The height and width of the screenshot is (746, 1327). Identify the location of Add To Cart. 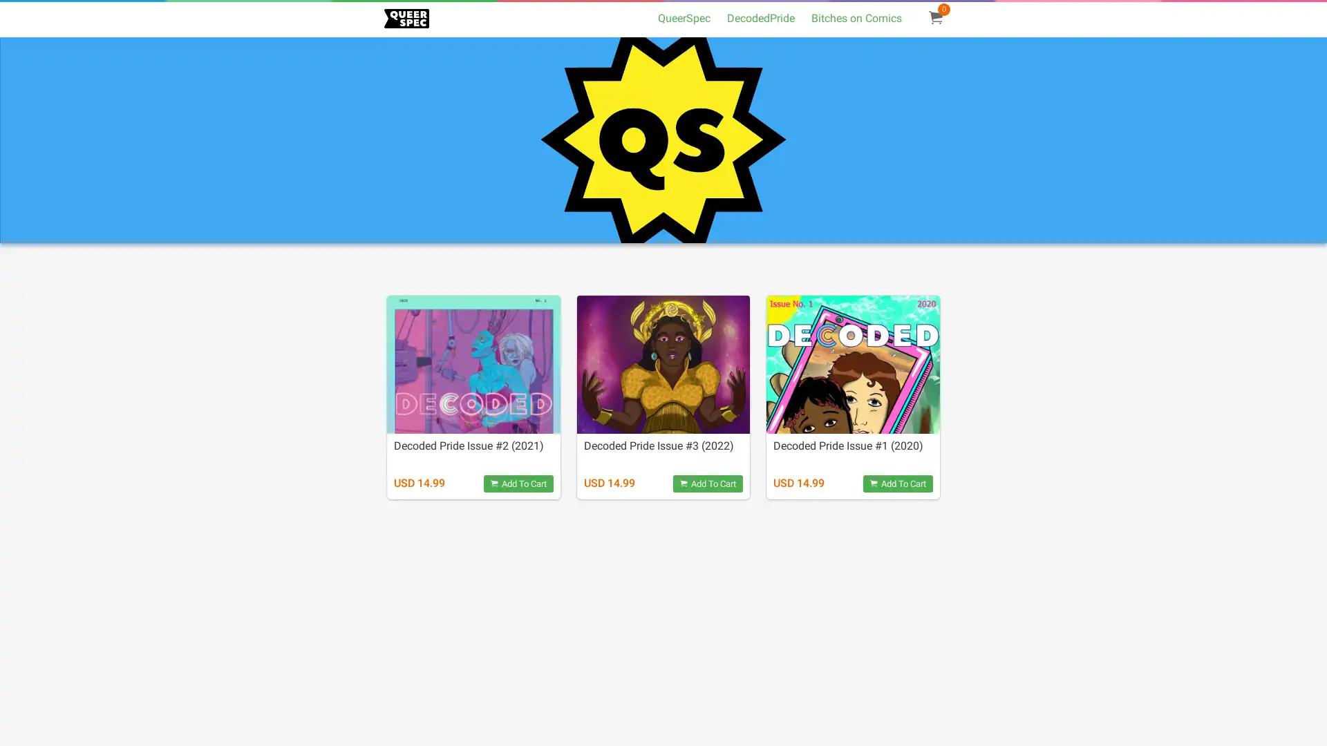
(708, 483).